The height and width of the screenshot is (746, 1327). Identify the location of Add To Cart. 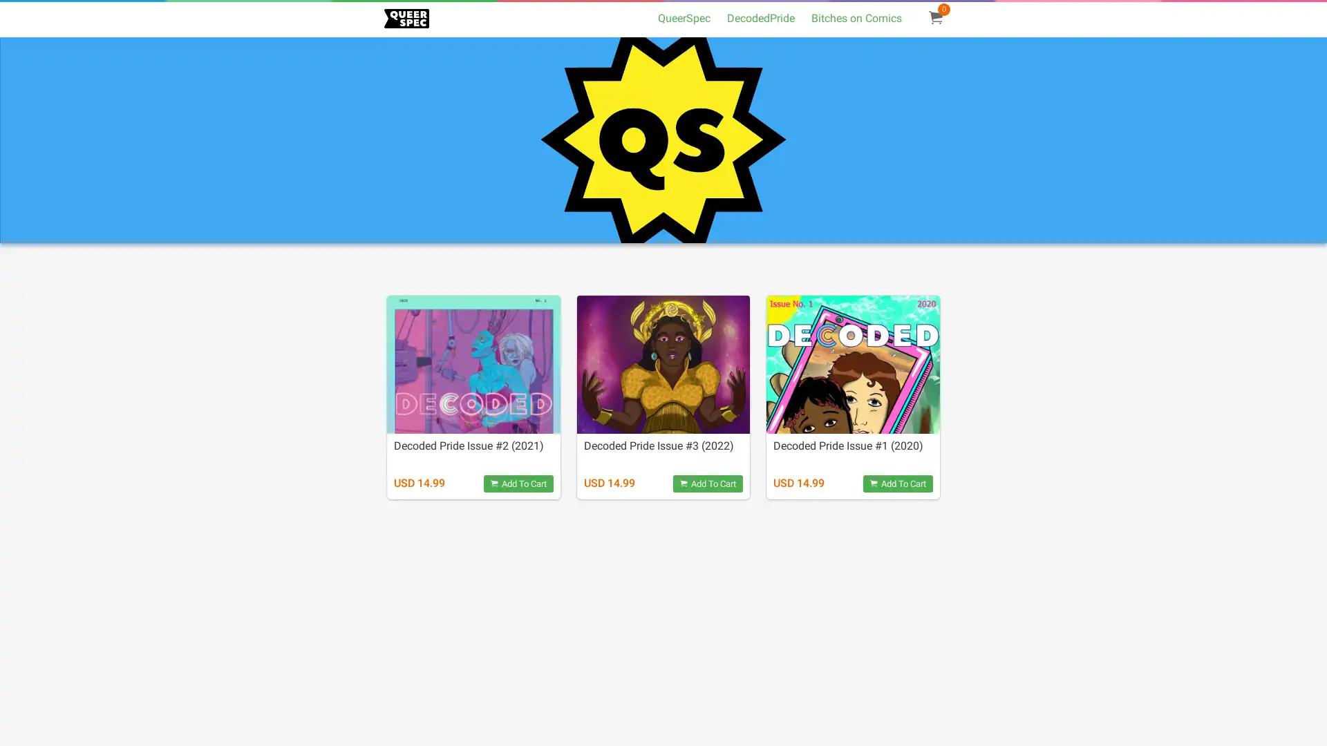
(708, 483).